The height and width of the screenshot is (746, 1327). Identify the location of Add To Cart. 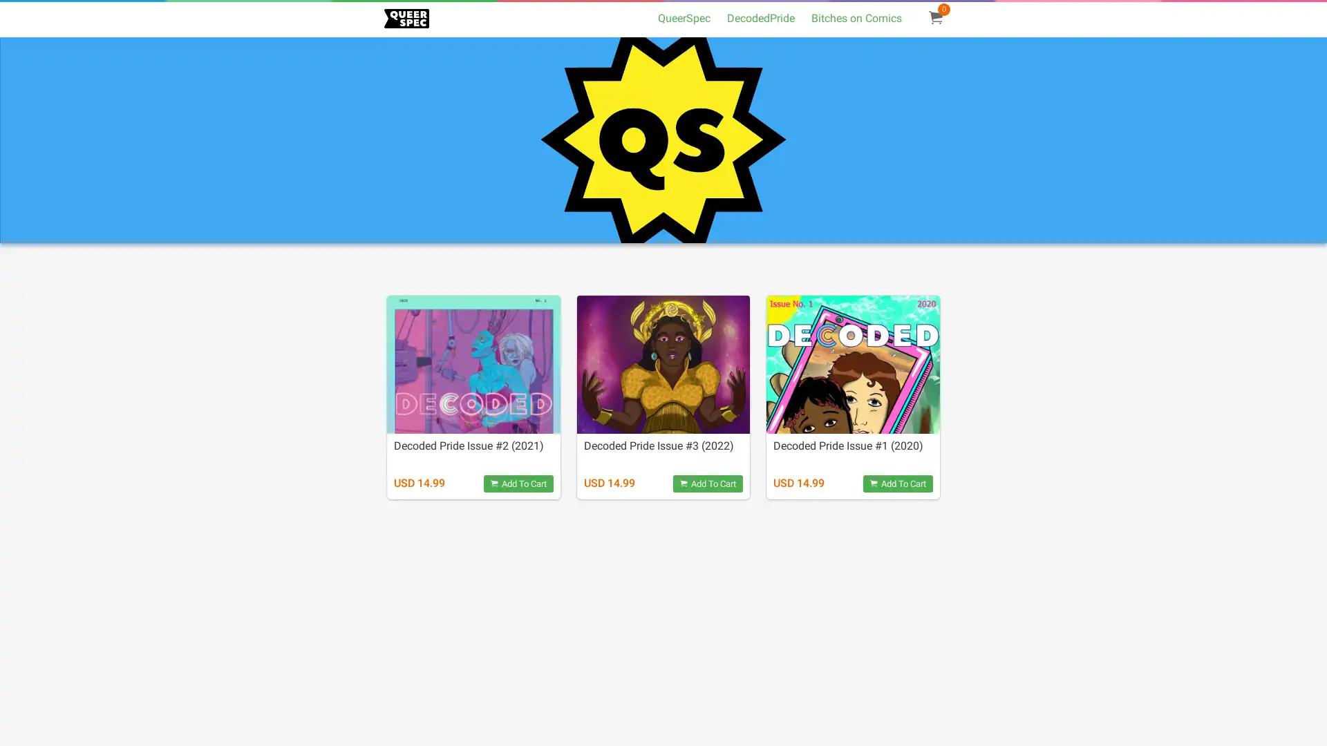
(708, 483).